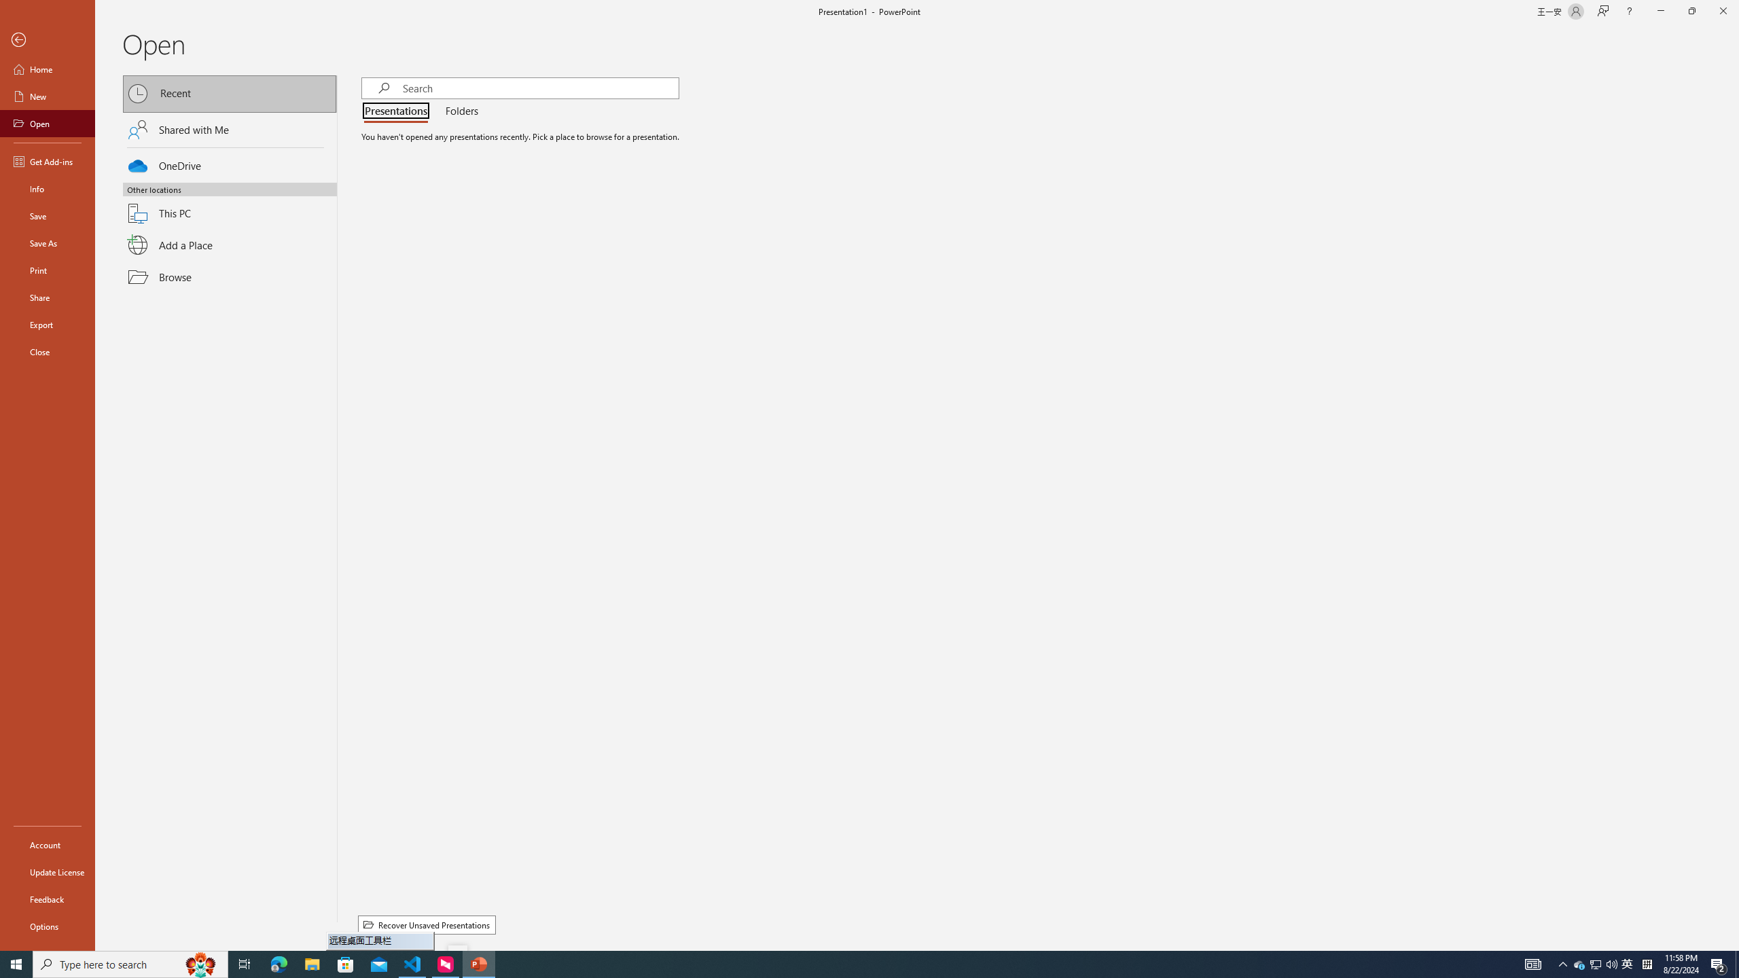  I want to click on 'New', so click(47, 96).